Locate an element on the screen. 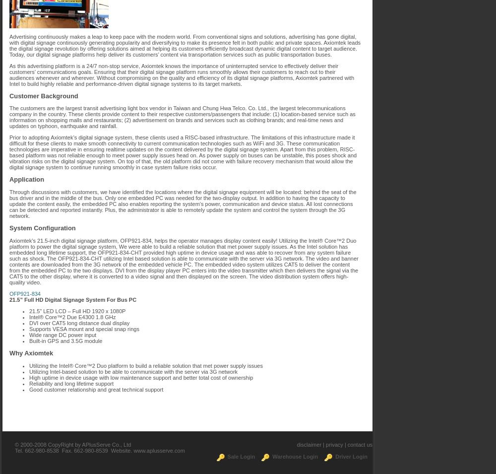  'Prior to adopting Axiomtek’s digital signage system, these clients used a RISC-based infrastructure. The limitations of this infrastructure made it difficult for these clients to make smooth connectivity to current communication technologies such as WiFi and 3G. These communication technologies are imperative in ensuring realtime updates on the content delivered by the digital signage system. Apart from this problem, RISC-based platform was not reliable enough to meet power supply issues head on. As power supply on buses can be unstable, this poses shock and vibration risks on the digital signage system. On top of that, the old platform did not come with failure recovery mechanism that would allow the digital signage system to continue running smoothly in case system failure risks occur.' is located at coordinates (183, 152).